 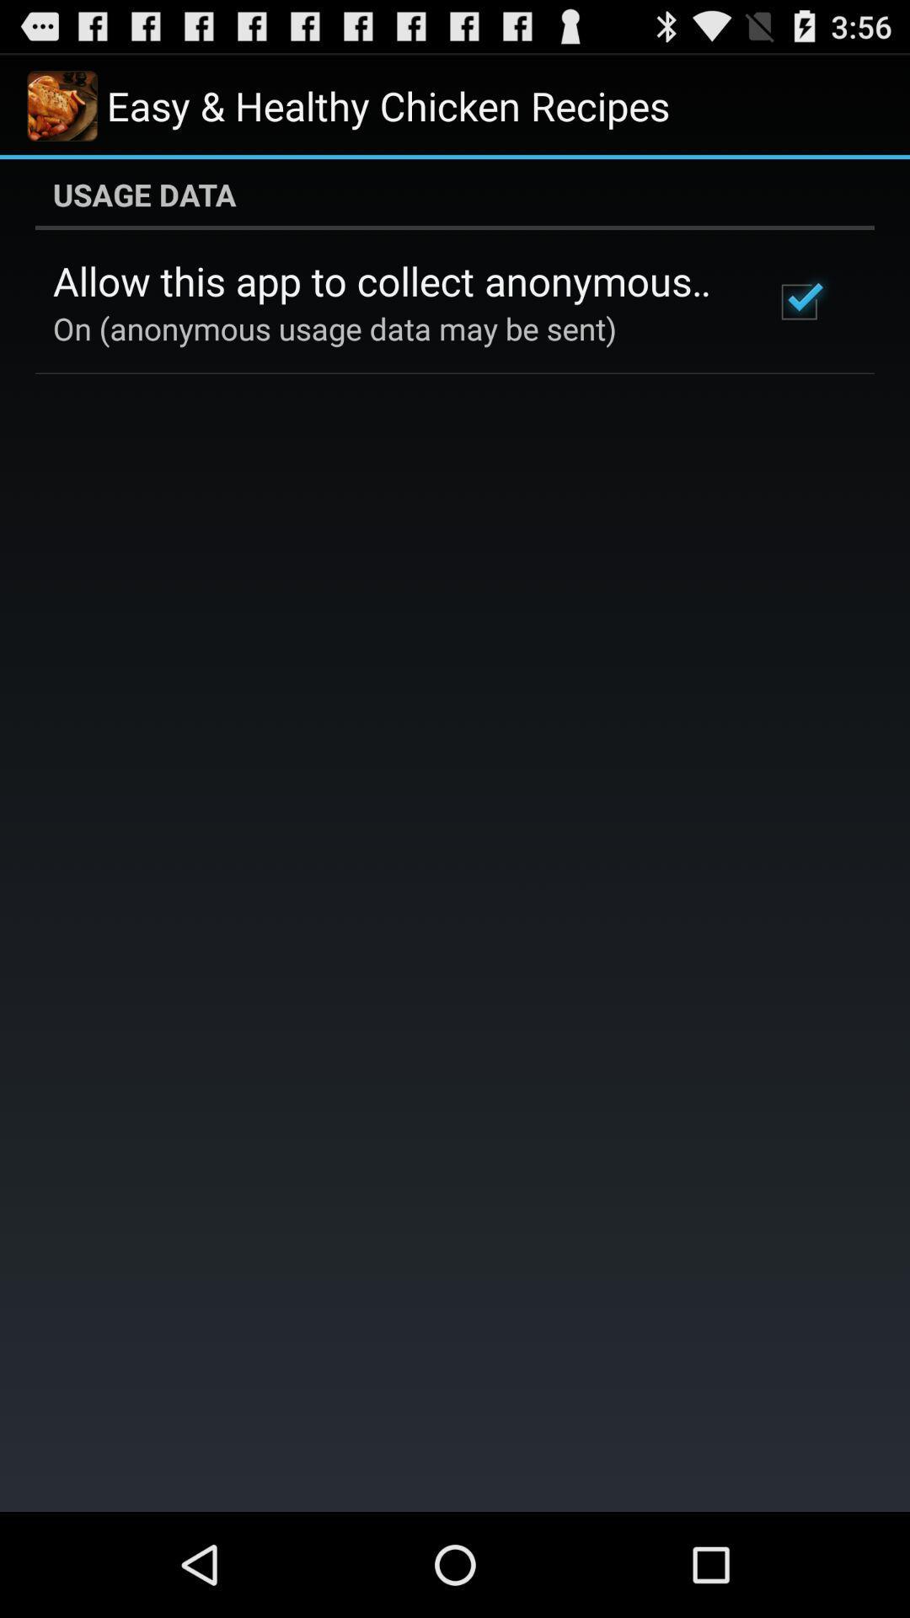 I want to click on the icon below the usage data icon, so click(x=798, y=302).